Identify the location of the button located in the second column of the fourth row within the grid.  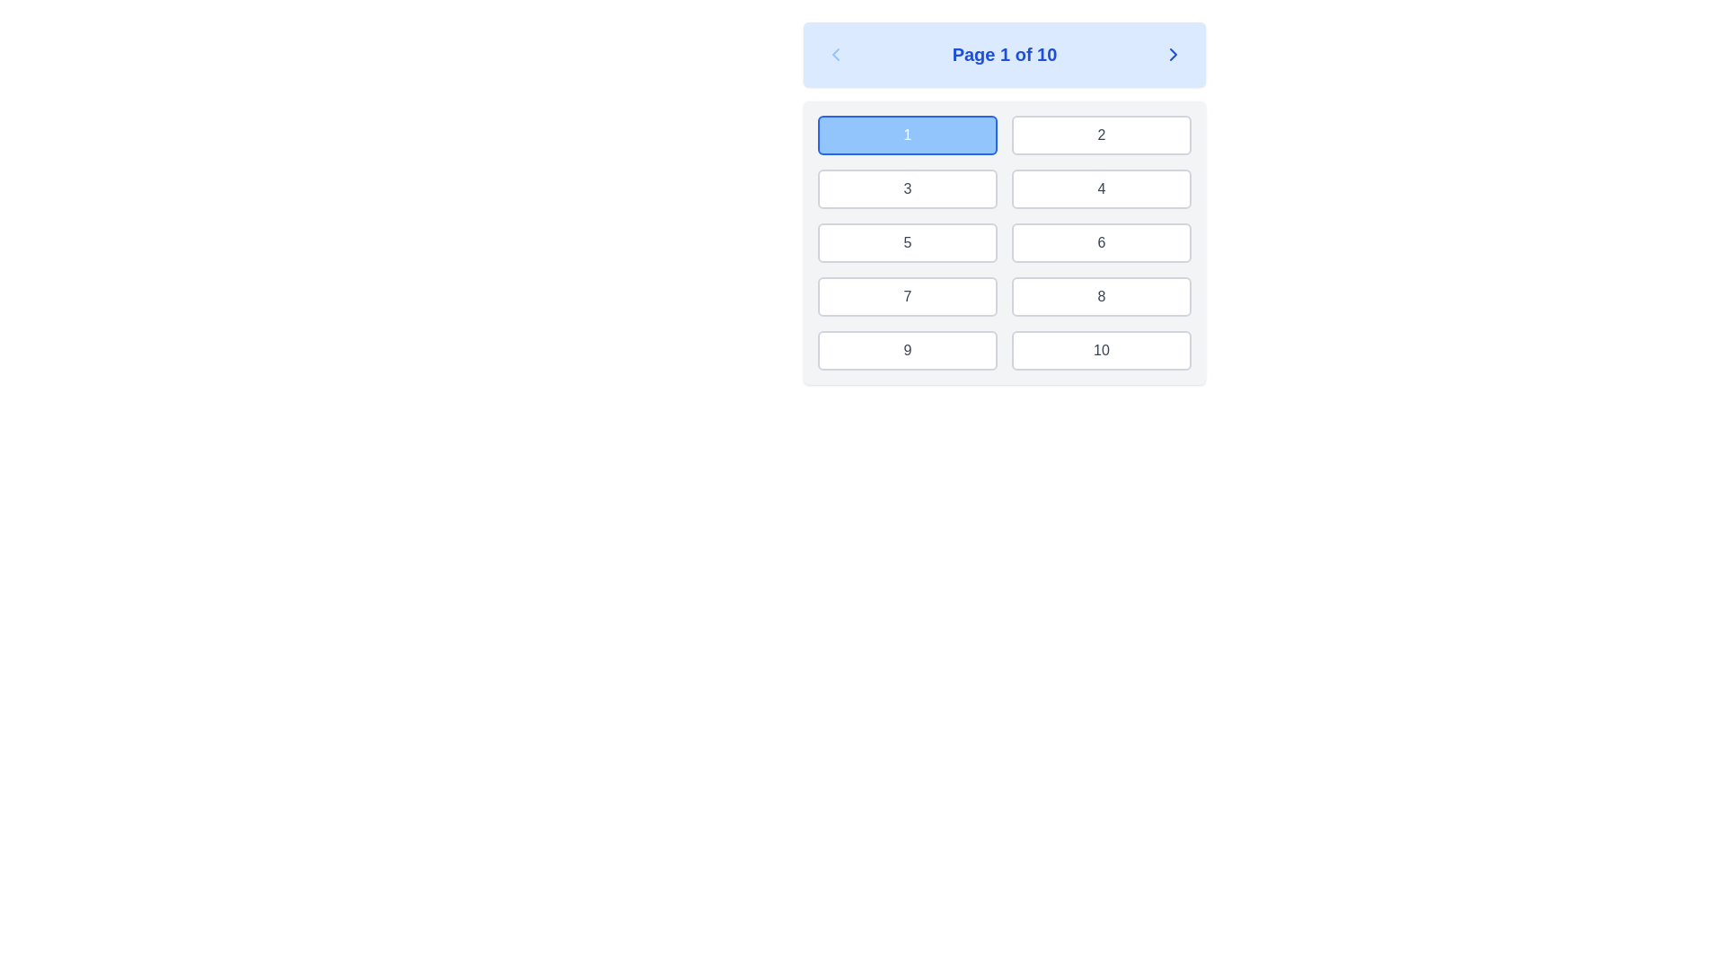
(1101, 296).